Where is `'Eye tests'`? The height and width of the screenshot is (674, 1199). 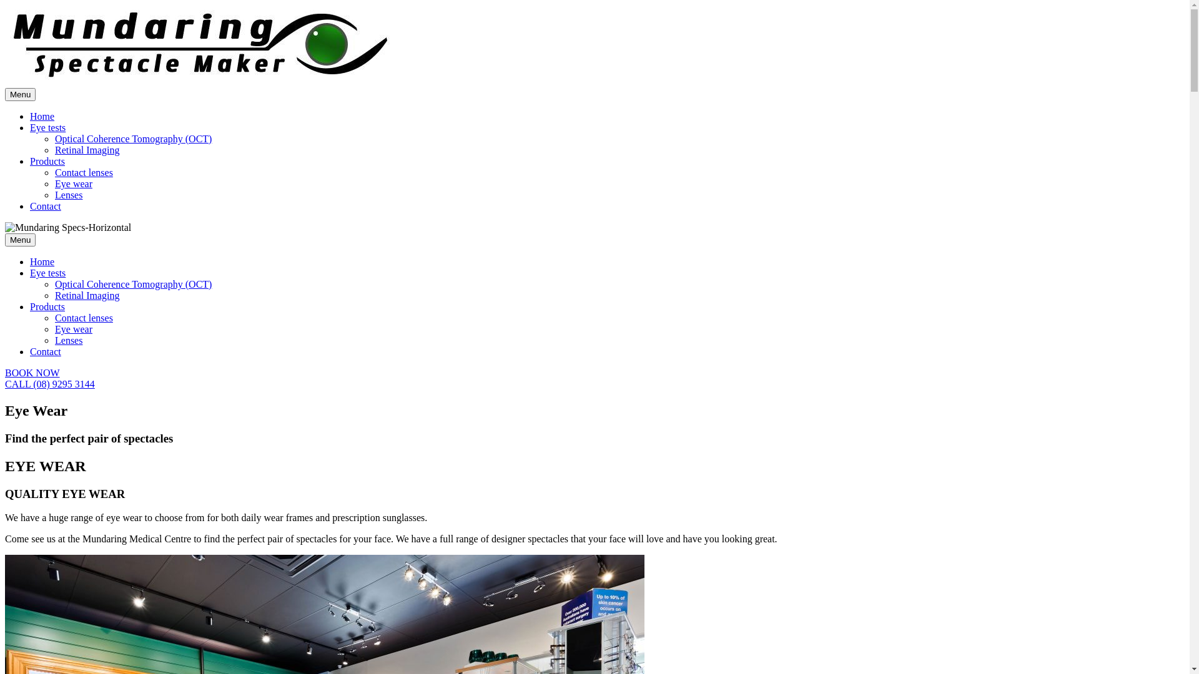
'Eye tests' is located at coordinates (47, 272).